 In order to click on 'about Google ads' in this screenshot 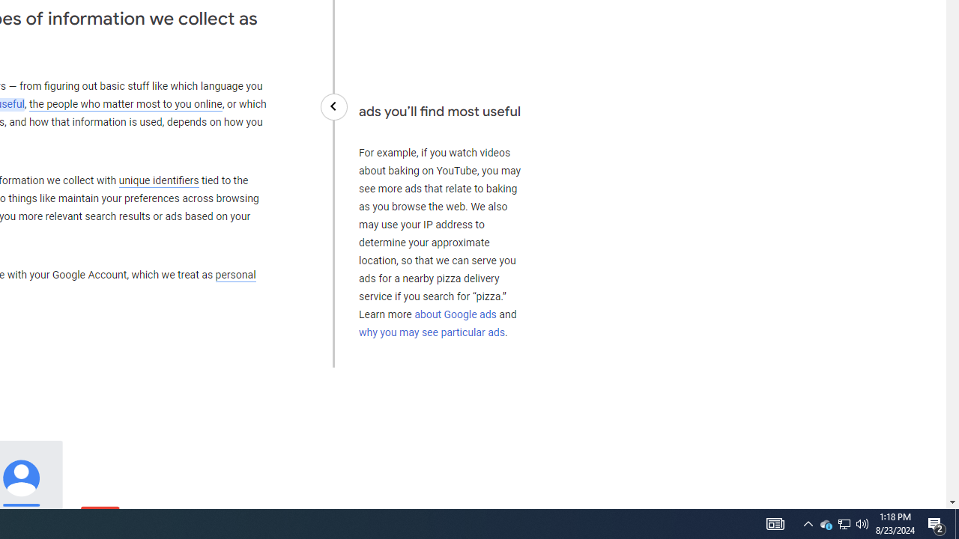, I will do `click(455, 314)`.